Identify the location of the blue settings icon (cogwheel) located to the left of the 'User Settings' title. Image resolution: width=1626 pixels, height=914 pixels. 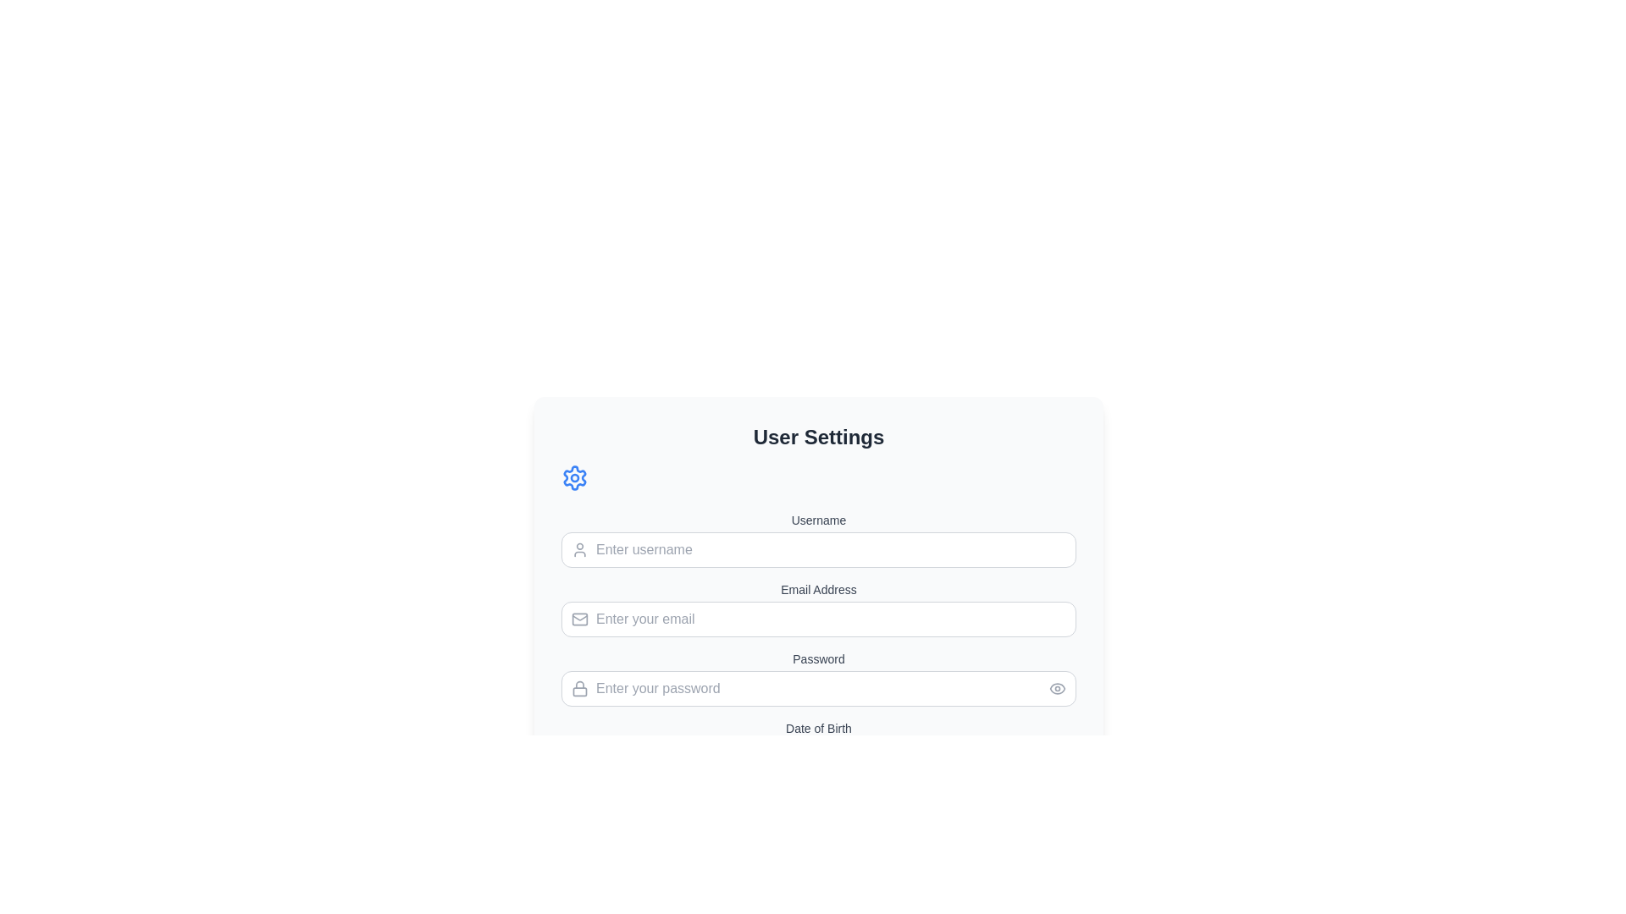
(574, 477).